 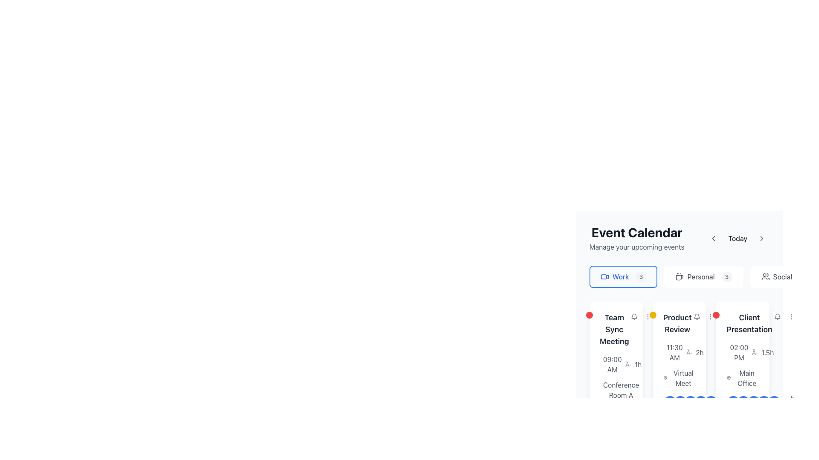 What do you see at coordinates (777, 317) in the screenshot?
I see `the small circular button with a bell icon located in the top-right corner of the 'Client Presentation' card` at bounding box center [777, 317].